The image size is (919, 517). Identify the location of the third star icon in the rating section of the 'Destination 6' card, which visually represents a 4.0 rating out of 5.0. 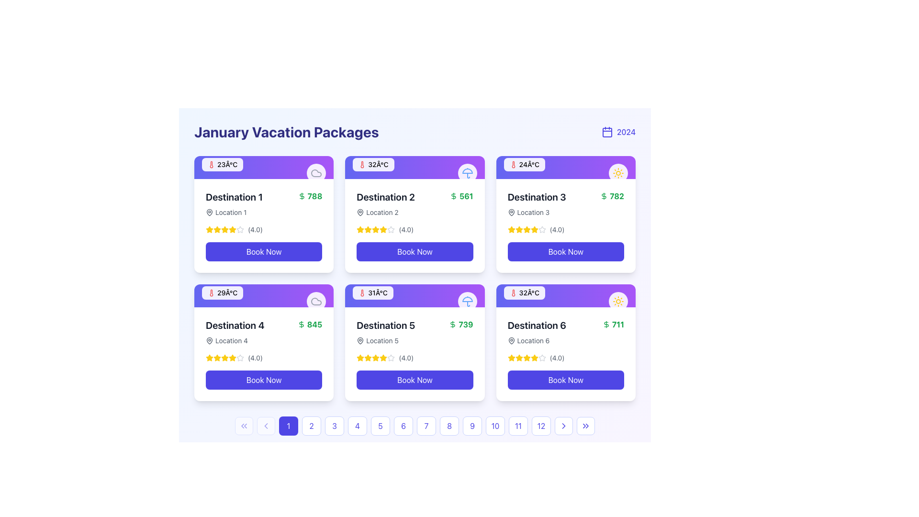
(518, 358).